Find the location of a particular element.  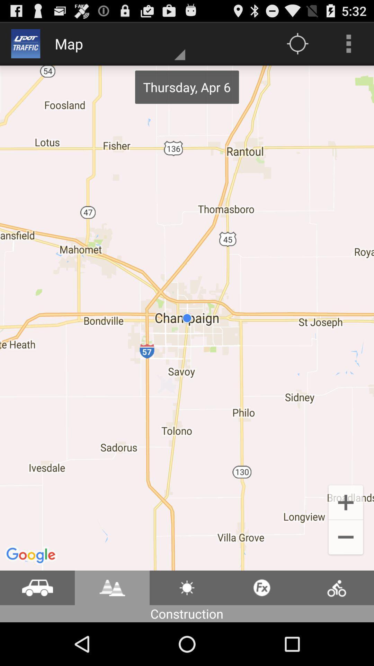

show traffic is located at coordinates (37, 587).